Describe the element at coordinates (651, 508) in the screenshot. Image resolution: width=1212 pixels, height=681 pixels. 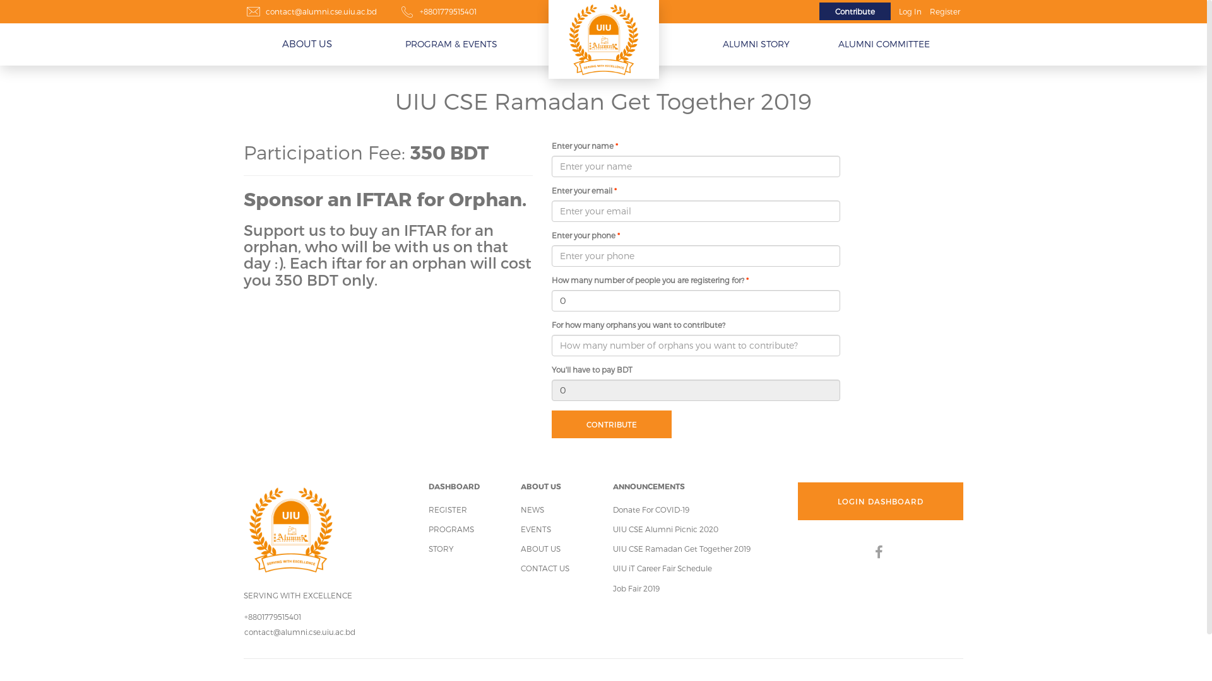
I see `'Donate For COVID-19'` at that location.